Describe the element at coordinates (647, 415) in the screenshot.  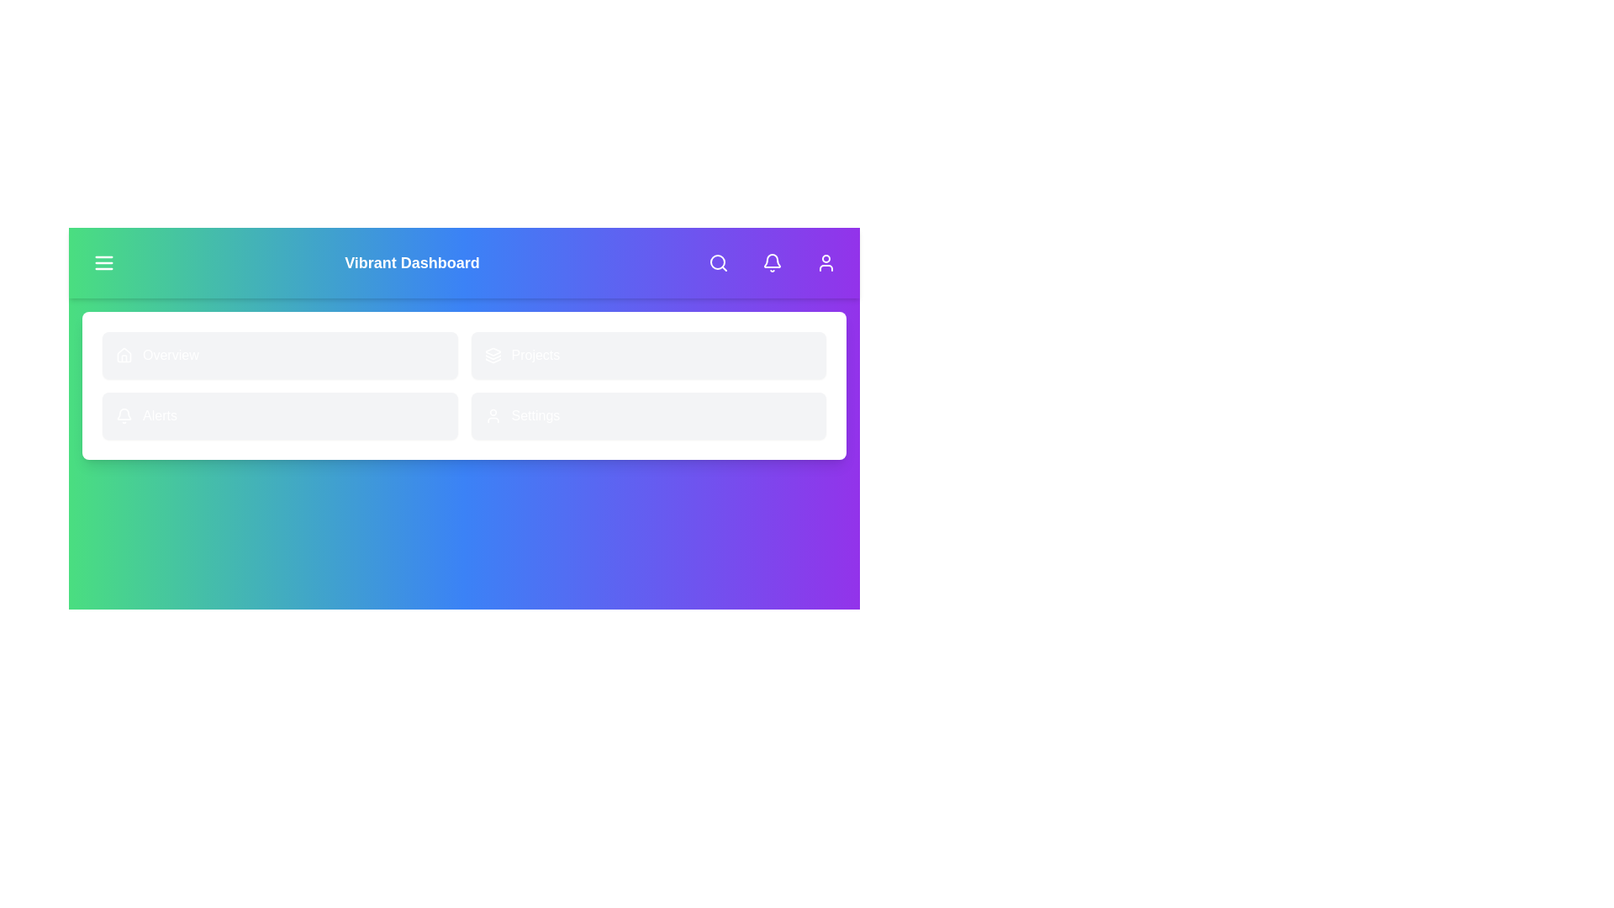
I see `the 'Settings' navigation item` at that location.